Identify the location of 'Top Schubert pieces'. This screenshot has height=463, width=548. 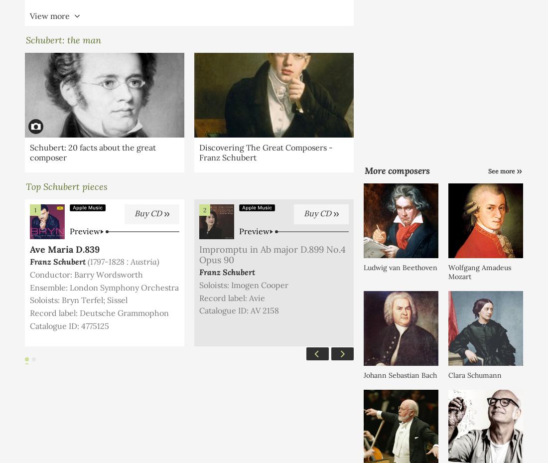
(66, 186).